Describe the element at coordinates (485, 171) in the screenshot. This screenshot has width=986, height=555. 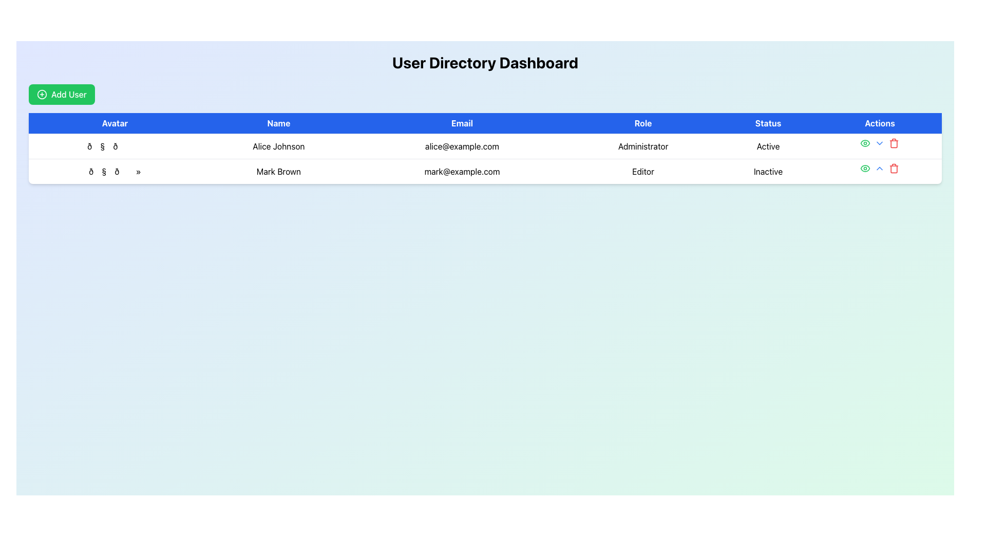
I see `the second row in the user directory table, which contains user information segmented by columns labeled Avatar, Name, Email, Role, Status, and Actions` at that location.